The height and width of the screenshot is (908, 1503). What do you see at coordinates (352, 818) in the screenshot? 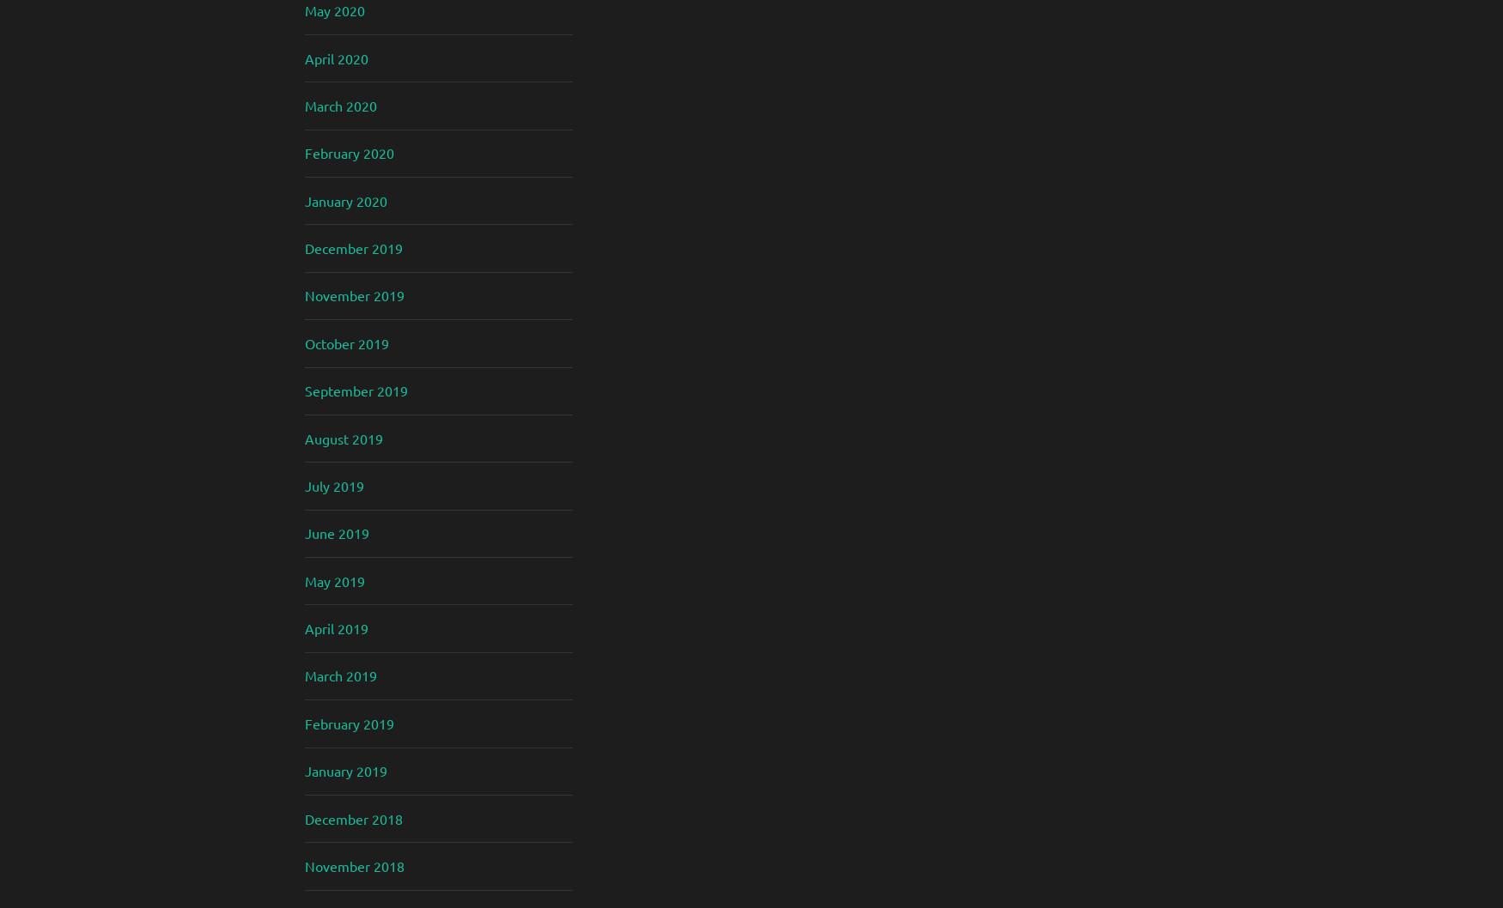
I see `'December 2018'` at bounding box center [352, 818].